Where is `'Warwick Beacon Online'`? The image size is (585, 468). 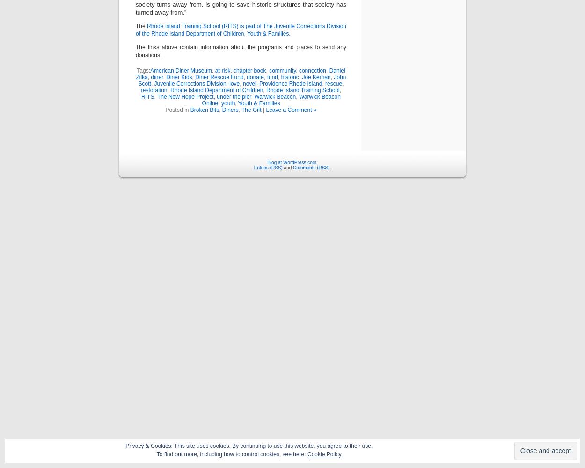
'Warwick Beacon Online' is located at coordinates (202, 99).